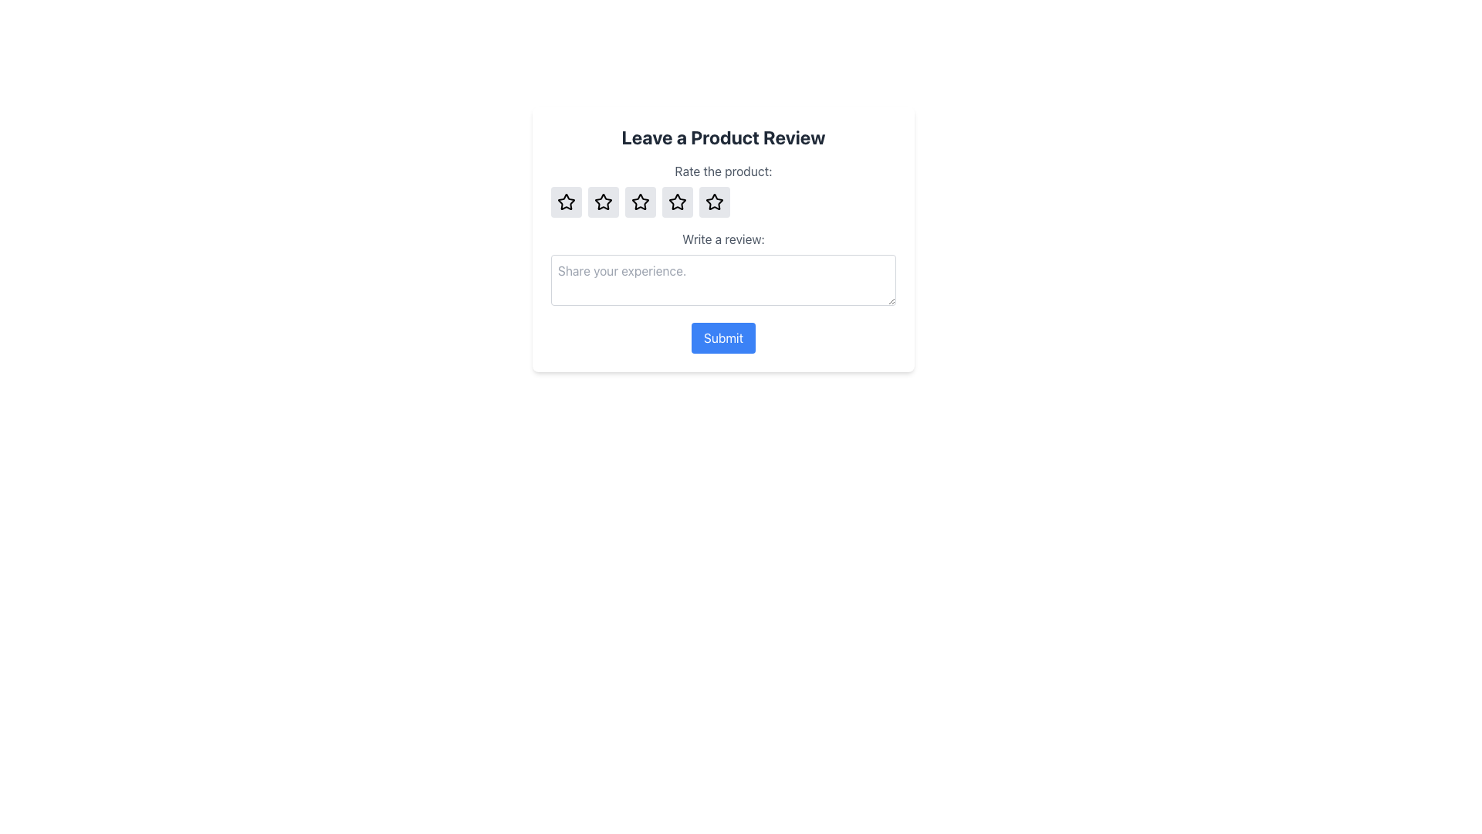  I want to click on the third star icon, so click(641, 202).